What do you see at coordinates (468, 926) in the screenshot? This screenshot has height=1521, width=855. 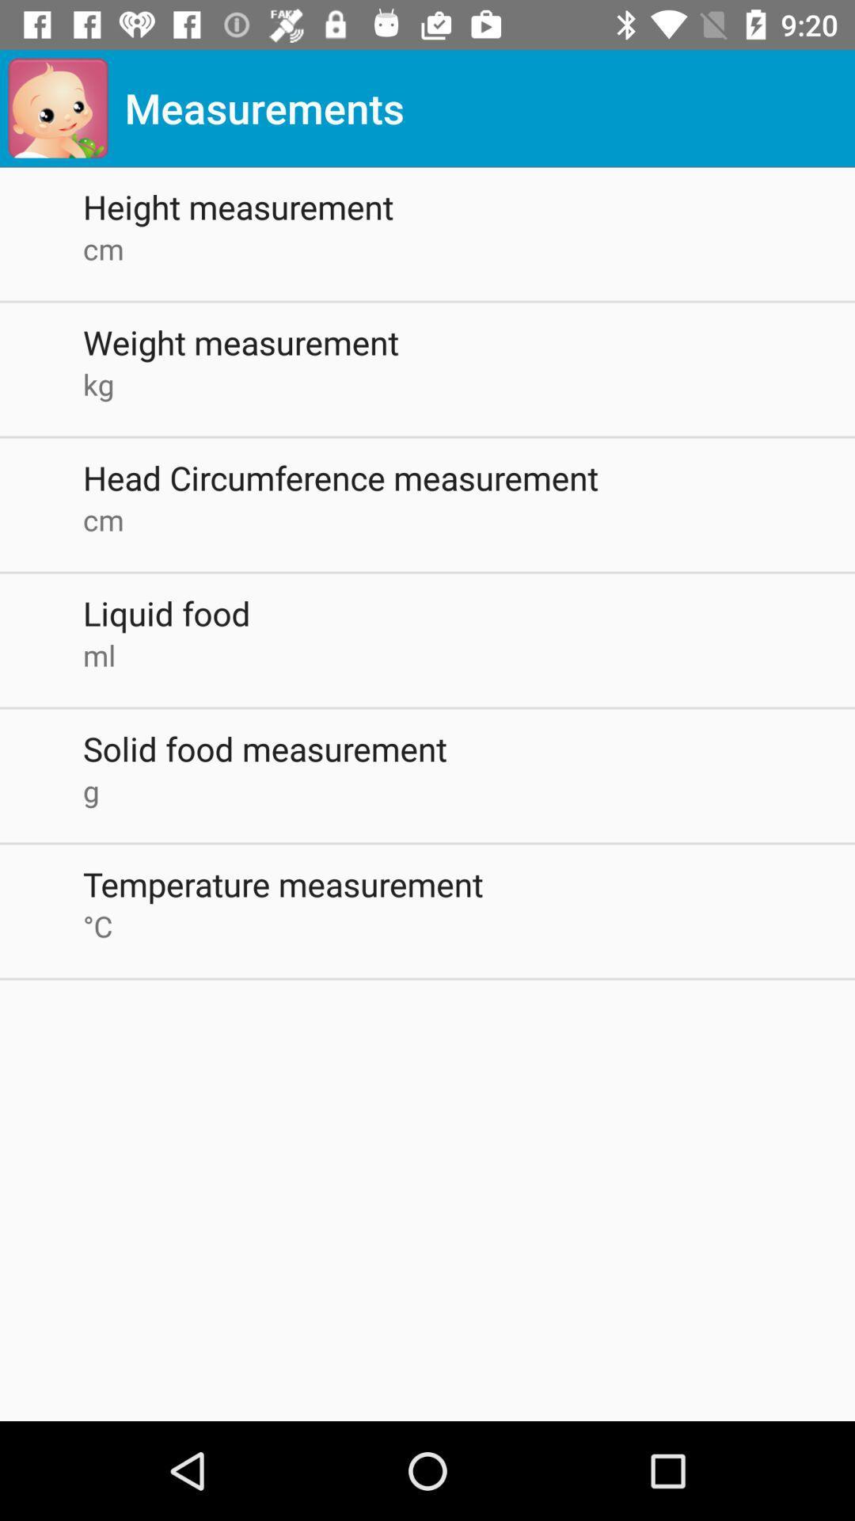 I see `icon below the temperature measurement` at bounding box center [468, 926].